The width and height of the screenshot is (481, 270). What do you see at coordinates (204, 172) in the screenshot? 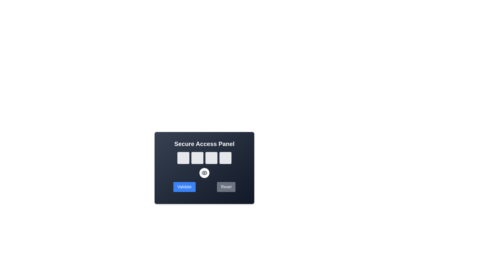
I see `the circular white button with a dark gray eye icon by tabbing to it` at bounding box center [204, 172].